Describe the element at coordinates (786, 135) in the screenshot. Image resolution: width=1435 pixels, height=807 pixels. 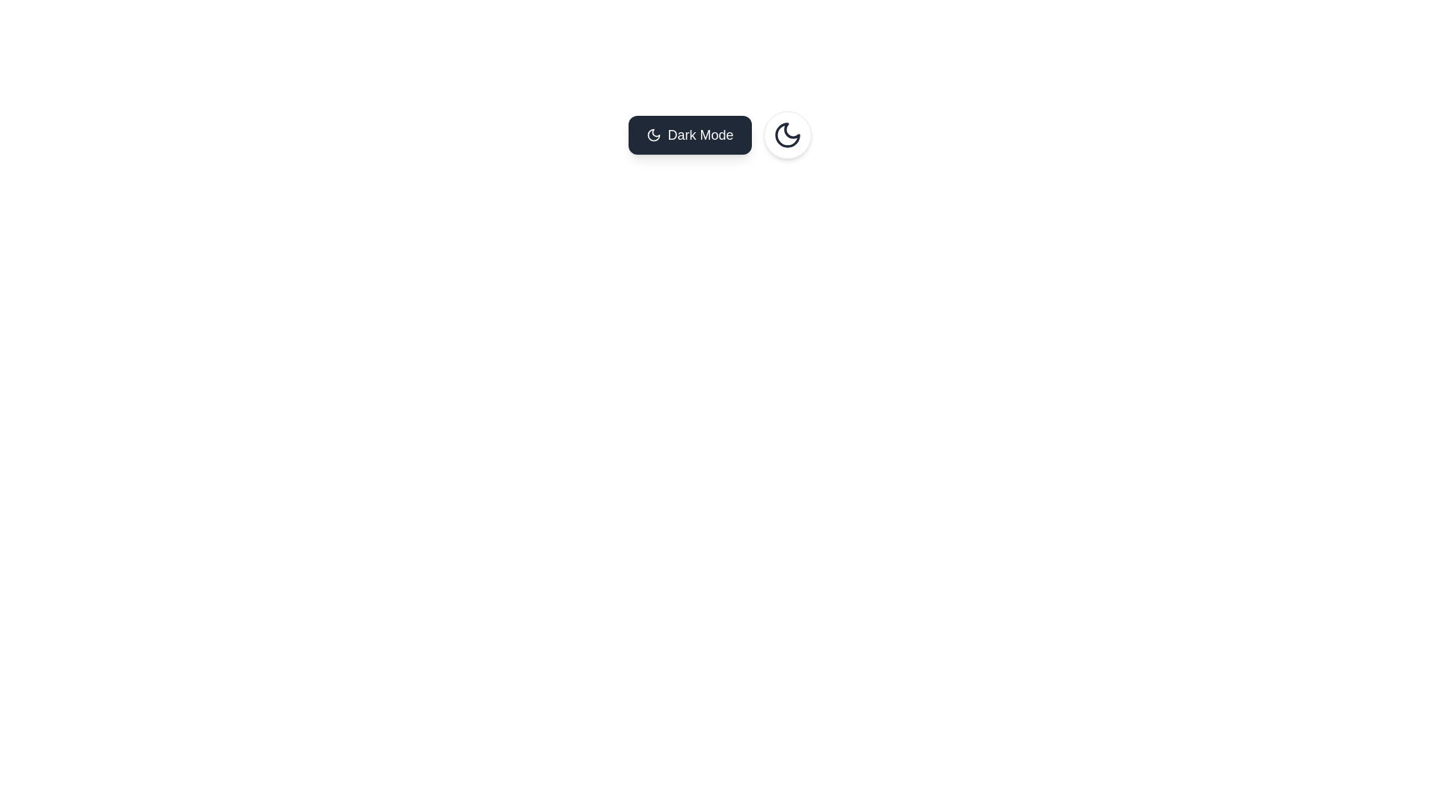
I see `the moon icon located in the upper right corner of the interface` at that location.